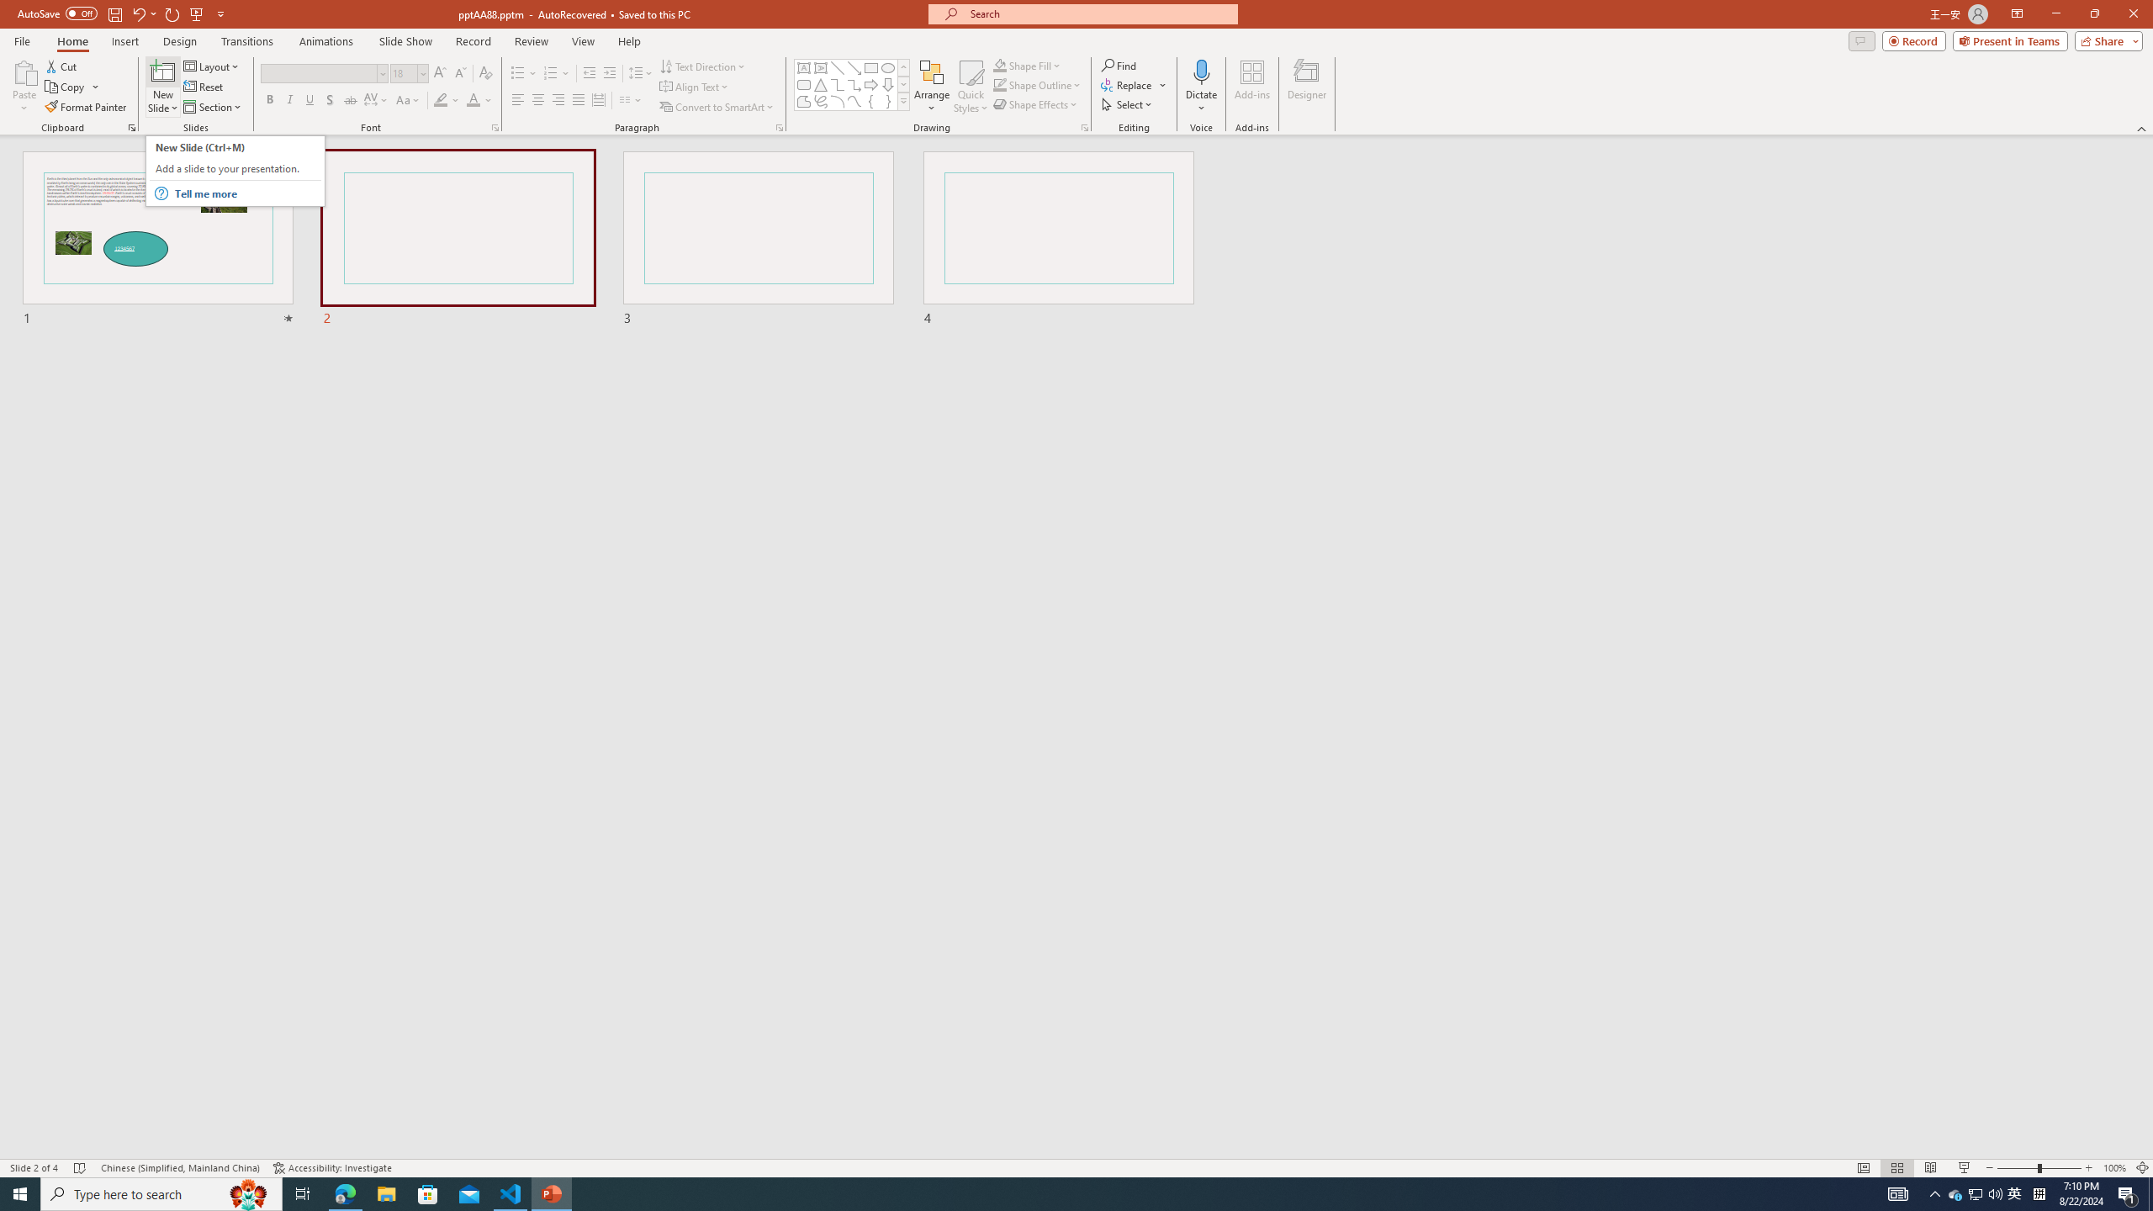 This screenshot has height=1211, width=2153. What do you see at coordinates (2142, 129) in the screenshot?
I see `'Collapse the Ribbon'` at bounding box center [2142, 129].